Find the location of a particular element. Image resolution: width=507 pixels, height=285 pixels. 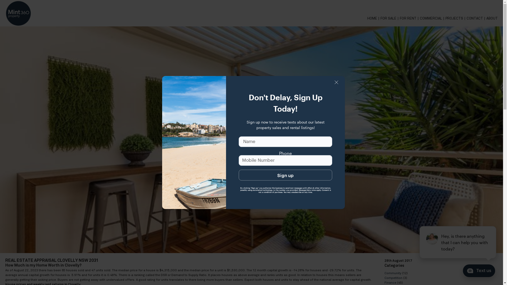

'FOR SALE' is located at coordinates (390, 18).